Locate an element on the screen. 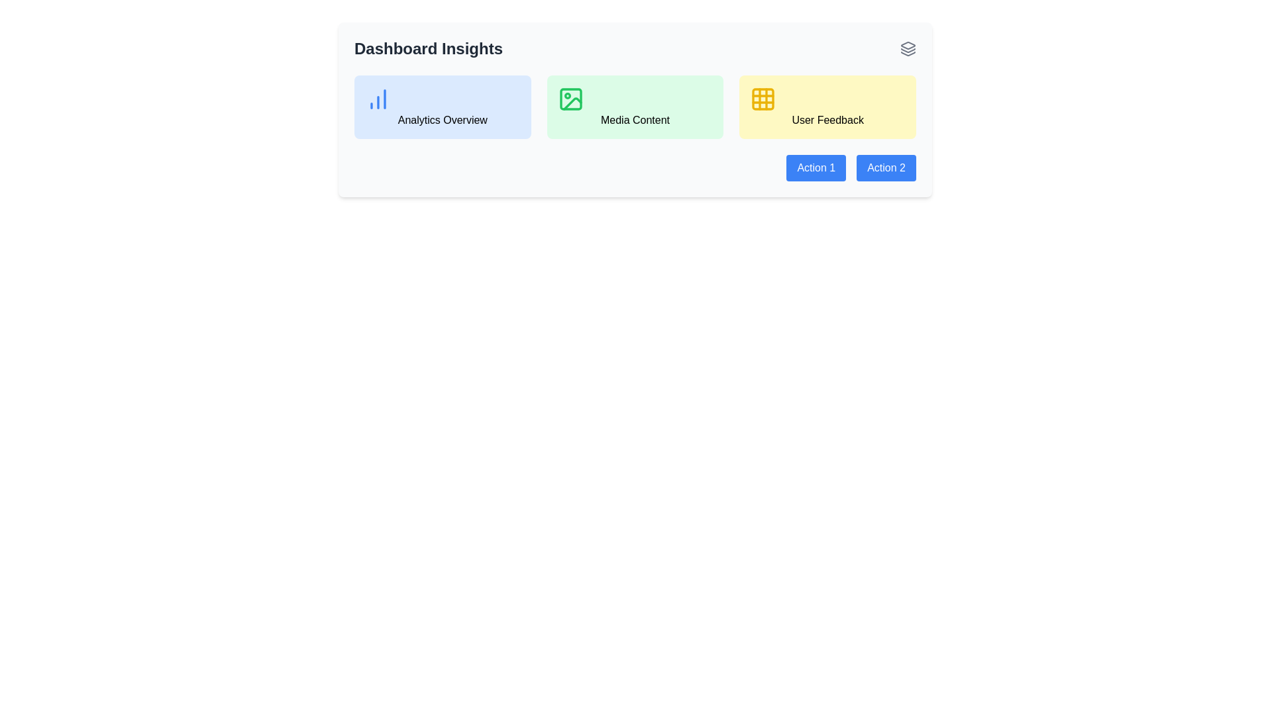  the bottom layer of the stacked graphical icon located near the top-right corner of the dashboard is located at coordinates (908, 53).